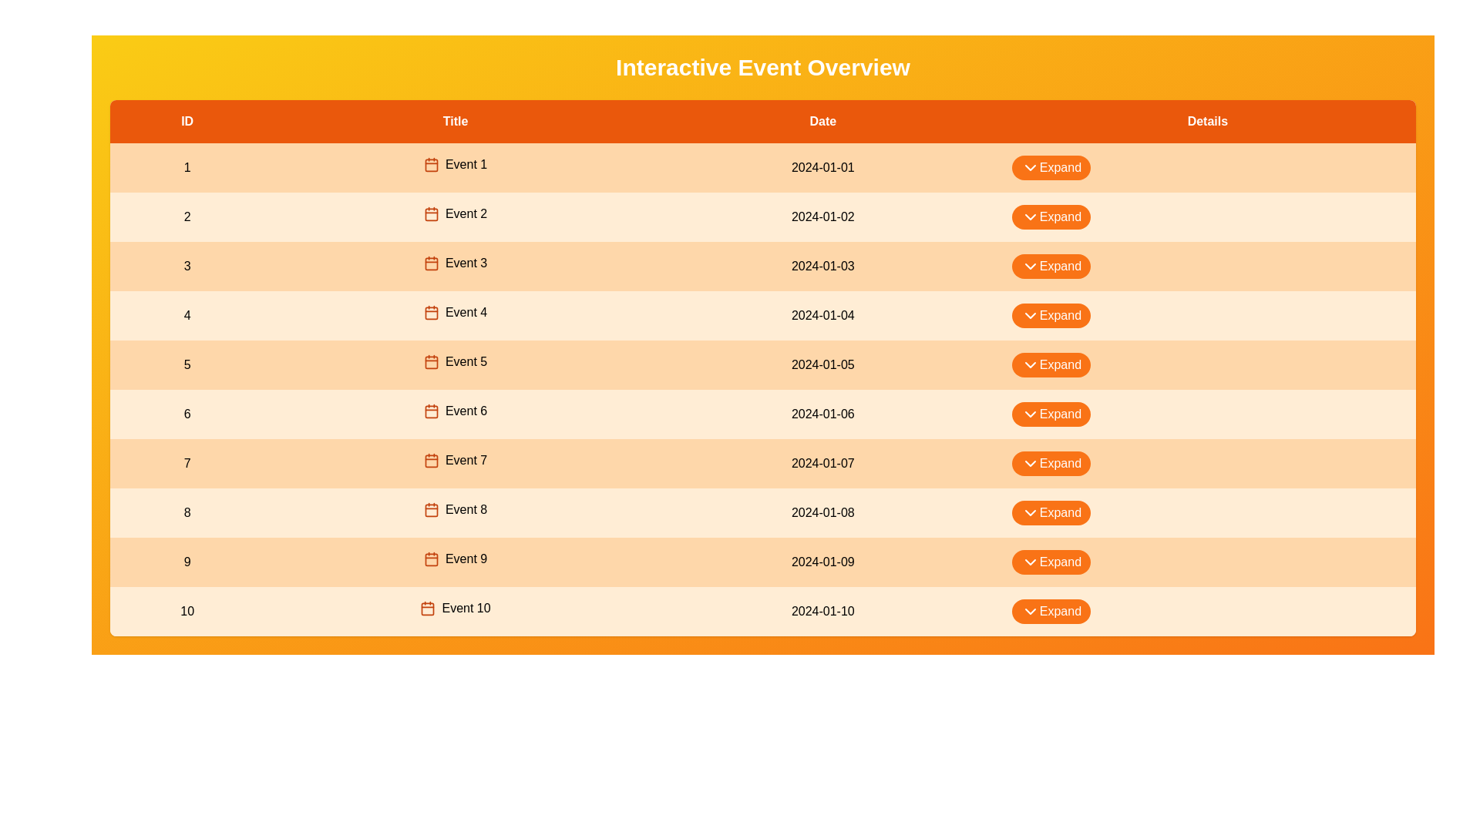 This screenshot has height=832, width=1480. What do you see at coordinates (821, 121) in the screenshot?
I see `the column header Date to sort or highlight it` at bounding box center [821, 121].